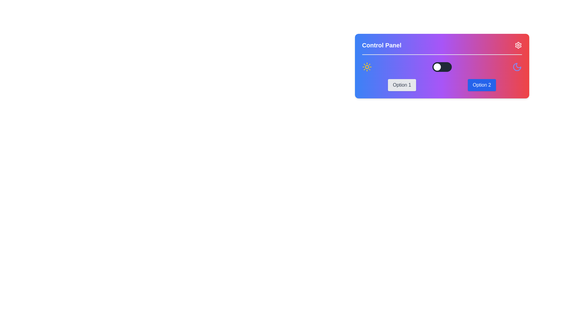  Describe the element at coordinates (366, 67) in the screenshot. I see `the decorative SVG circle element at the center of the 'sun' icon in the gradient-styled control panel, which symbolizes light or bright mode` at that location.